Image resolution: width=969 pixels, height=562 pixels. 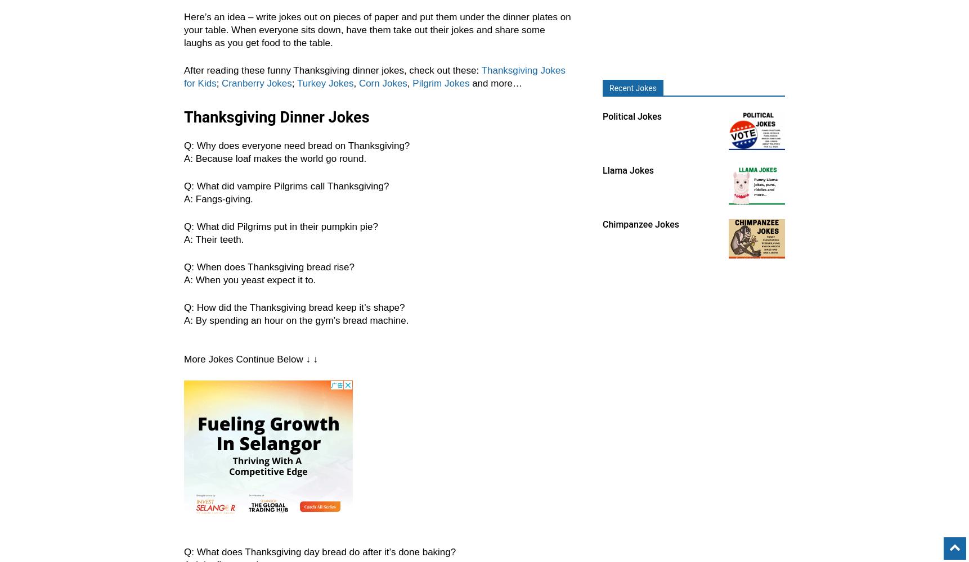 I want to click on 'Recent Jokes', so click(x=632, y=88).